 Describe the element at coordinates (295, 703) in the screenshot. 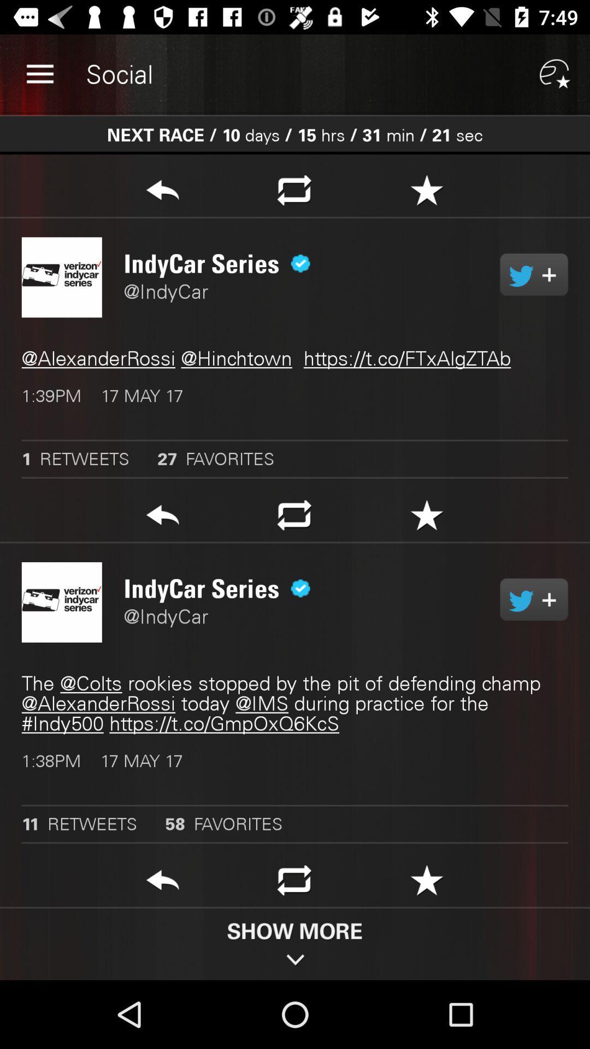

I see `item above the 1 38pm 17 item` at that location.